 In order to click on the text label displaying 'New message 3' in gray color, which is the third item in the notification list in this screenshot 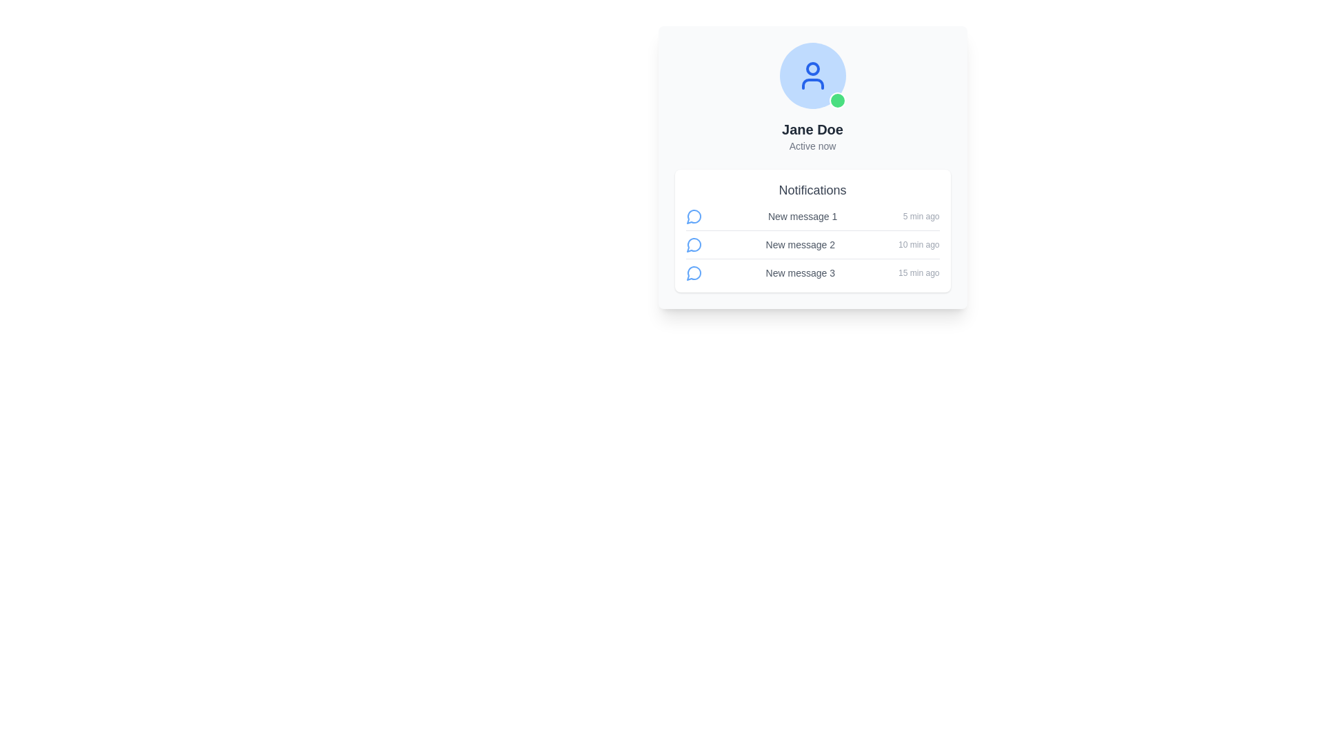, I will do `click(800, 273)`.